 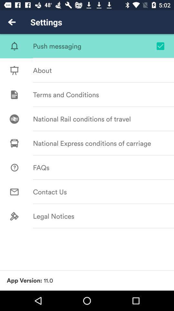 I want to click on the minus icon, so click(x=158, y=85).